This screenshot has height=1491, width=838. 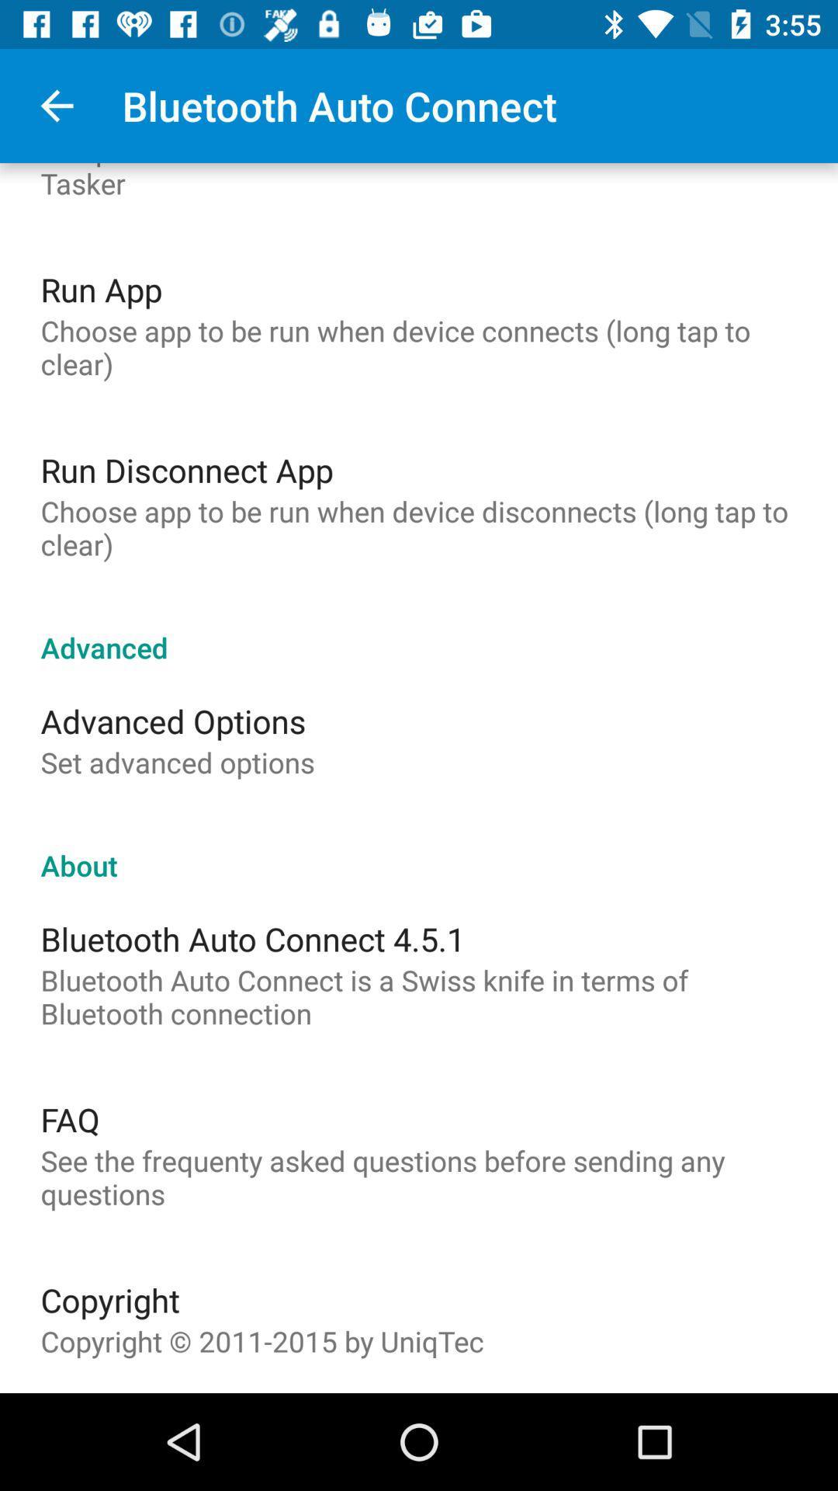 I want to click on the the preference misc, so click(x=419, y=182).